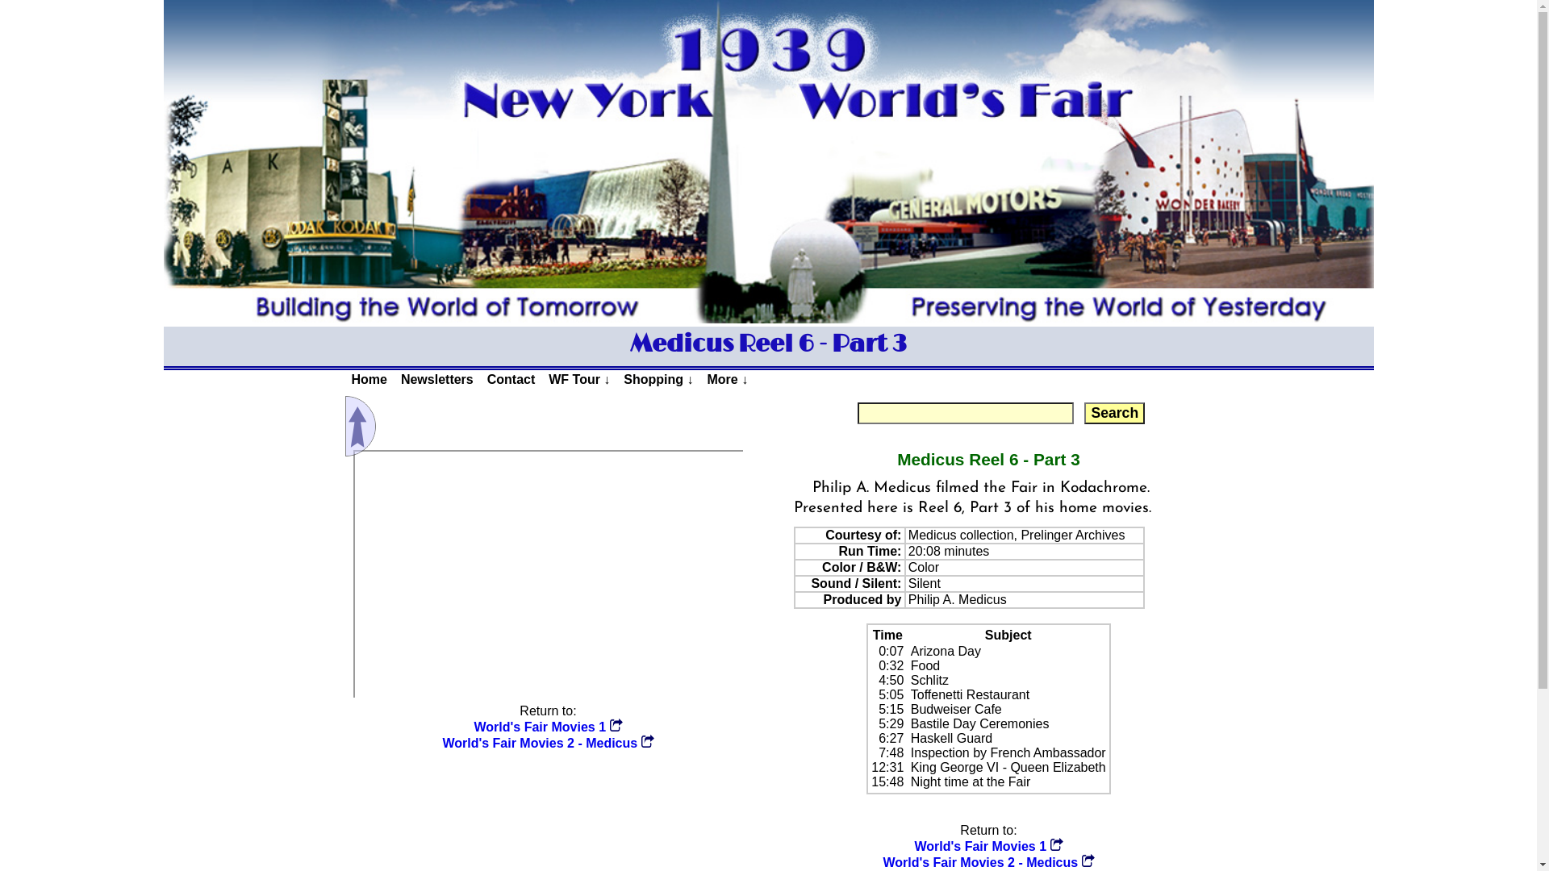 The width and height of the screenshot is (1549, 871). Describe the element at coordinates (482, 380) in the screenshot. I see `'Contact'` at that location.